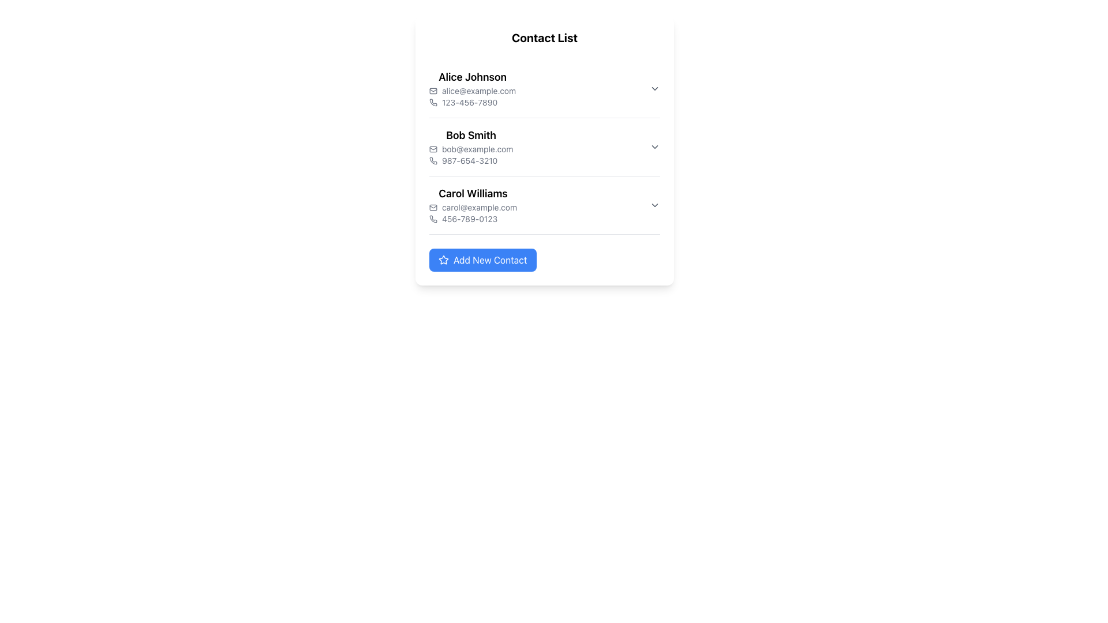 This screenshot has height=623, width=1108. I want to click on the phone number icon representing the contact 'Bob Smith' in the second row of the contact list, which is visually associated with the text '987-654-3210', so click(432, 160).